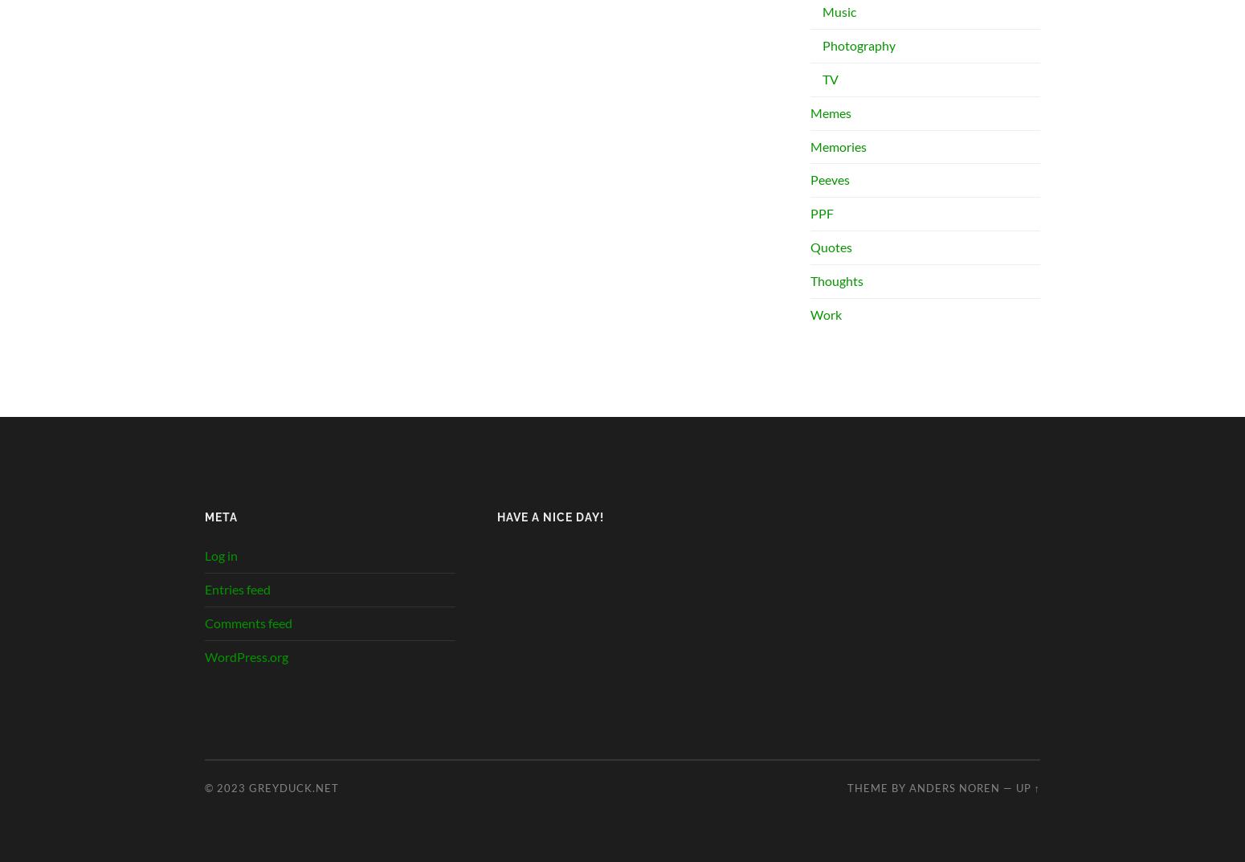  Describe the element at coordinates (831, 79) in the screenshot. I see `'TV'` at that location.